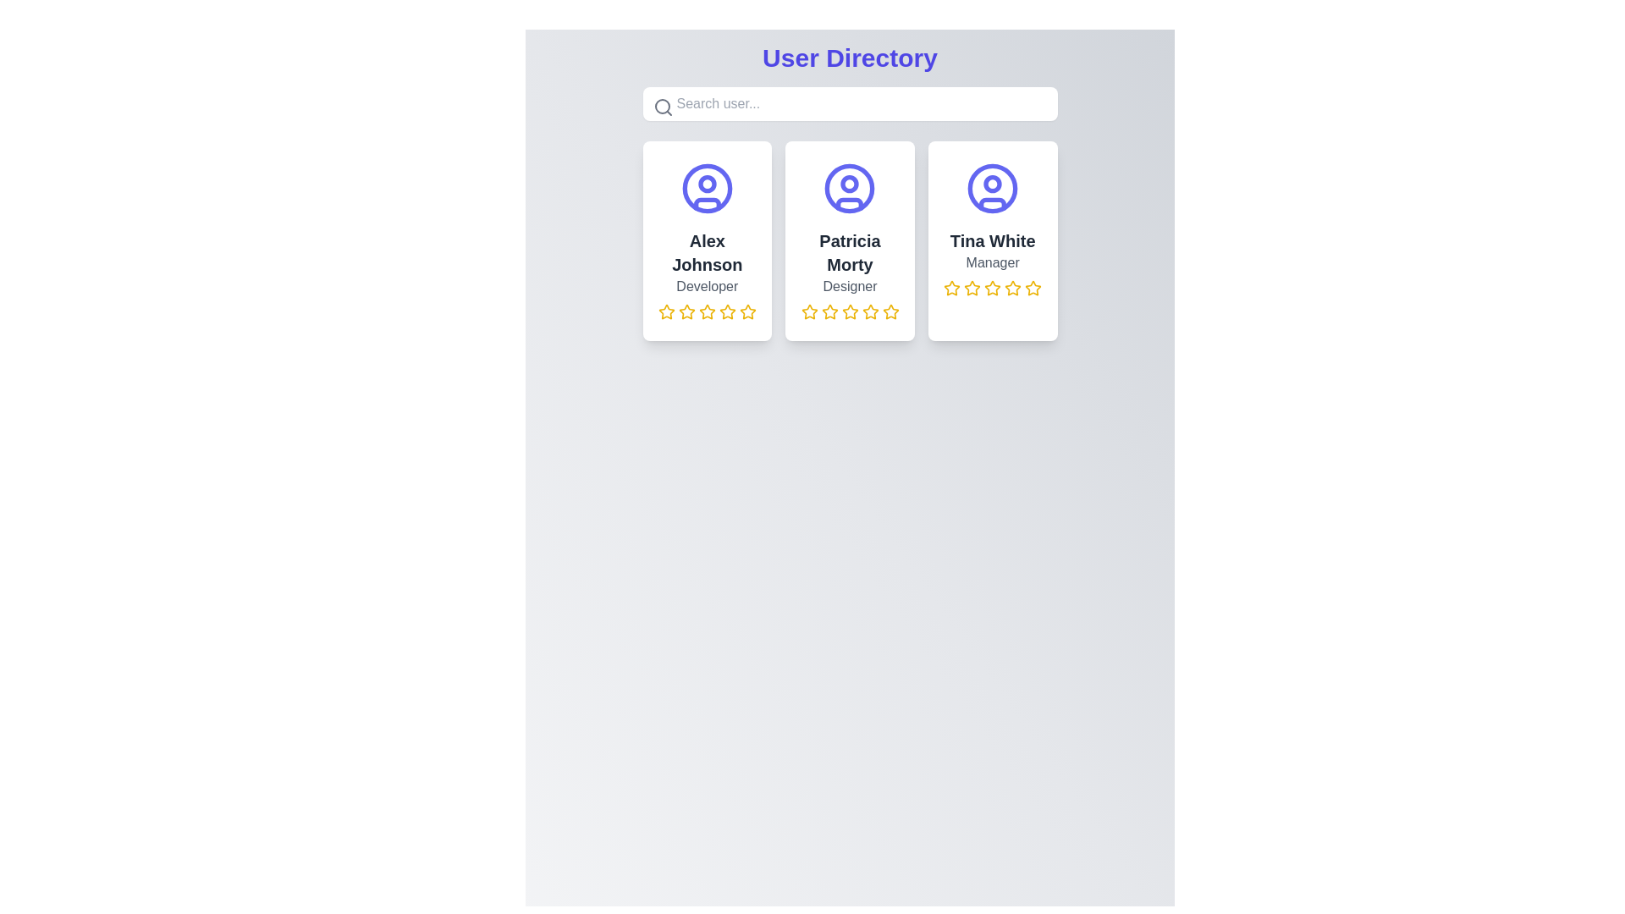  I want to click on the yellow star icon in the interactive rating component located in Tina White's user card to assign a rating, so click(993, 287).